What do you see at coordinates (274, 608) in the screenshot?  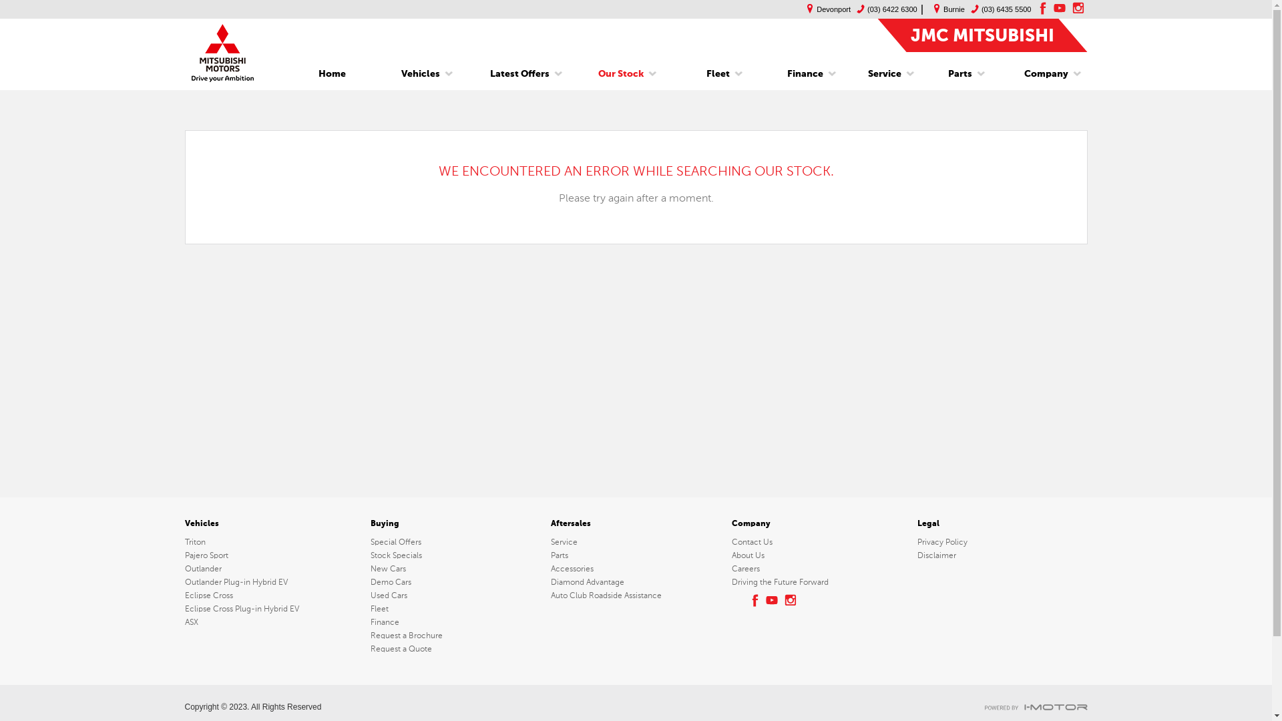 I see `'Eclipse Cross Plug-in Hybrid EV'` at bounding box center [274, 608].